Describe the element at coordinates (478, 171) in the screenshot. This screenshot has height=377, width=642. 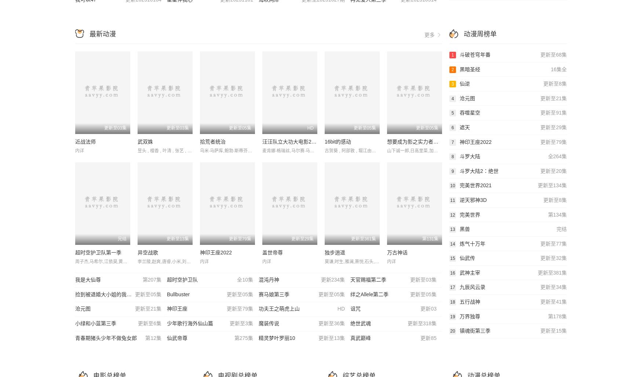
I see `'斗罗大陆2：绝世'` at that location.